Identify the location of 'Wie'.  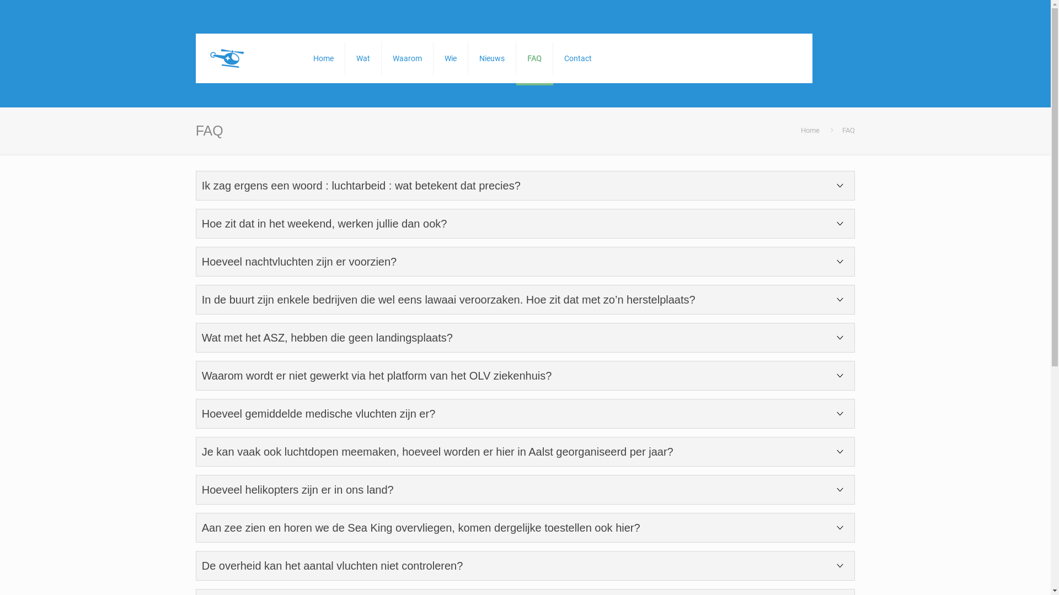
(433, 58).